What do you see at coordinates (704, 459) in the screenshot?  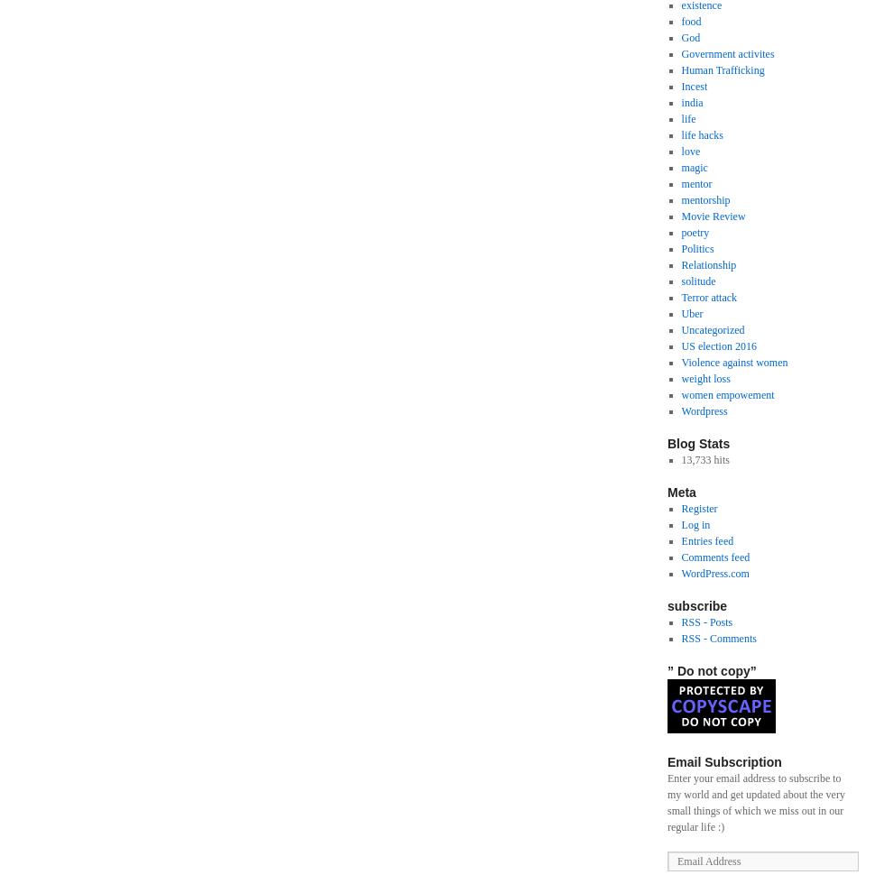 I see `'13,733 hits'` at bounding box center [704, 459].